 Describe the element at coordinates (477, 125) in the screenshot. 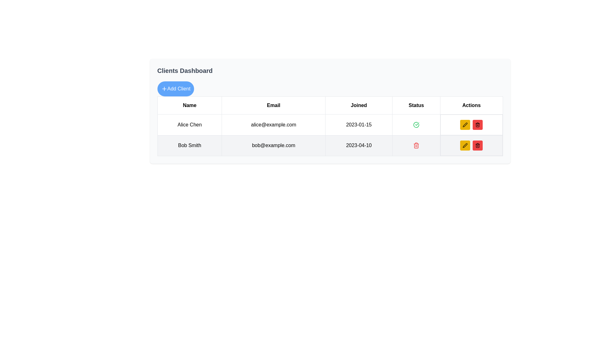

I see `the middle segment of the trash icon in the 'Actions' column for the user 'Bob Smith' located in the second row` at that location.